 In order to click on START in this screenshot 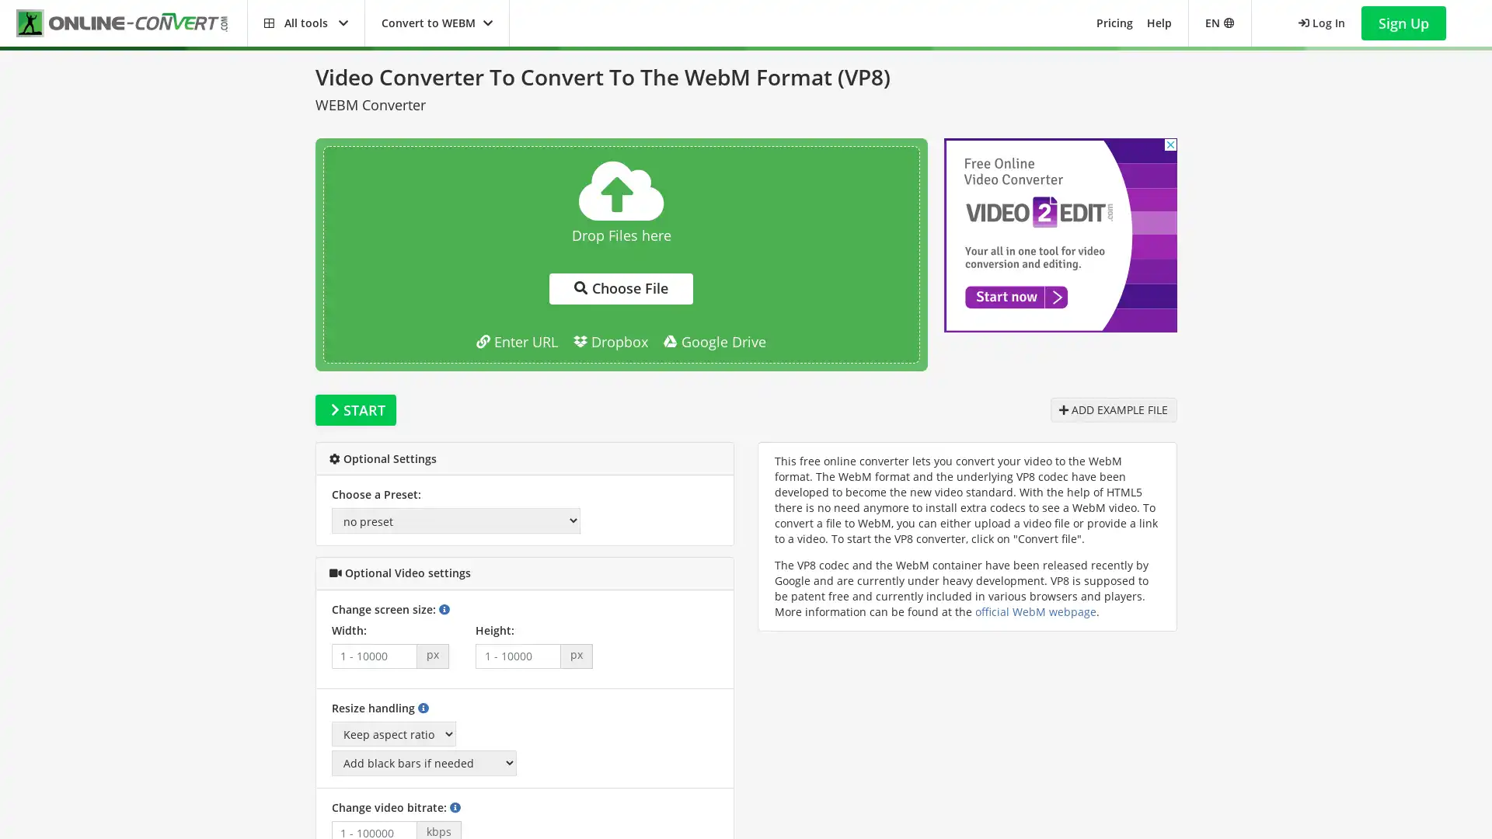, I will do `click(354, 409)`.